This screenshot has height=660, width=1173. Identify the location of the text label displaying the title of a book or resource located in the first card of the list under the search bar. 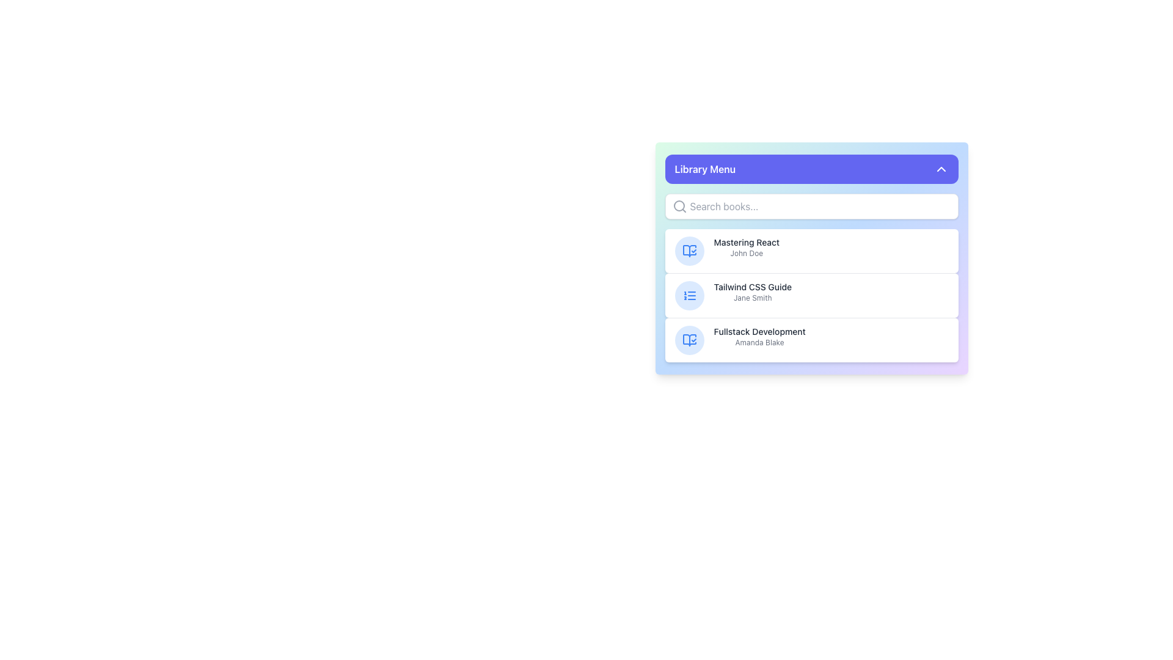
(746, 243).